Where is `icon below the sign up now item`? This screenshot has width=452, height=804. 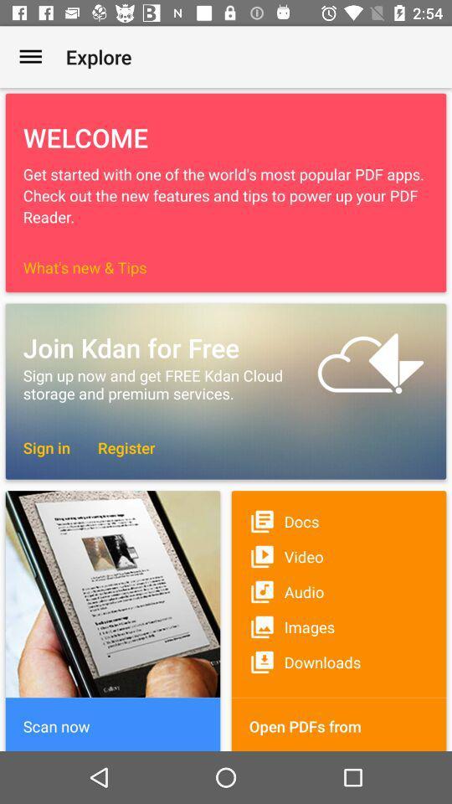 icon below the sign up now item is located at coordinates (46, 446).